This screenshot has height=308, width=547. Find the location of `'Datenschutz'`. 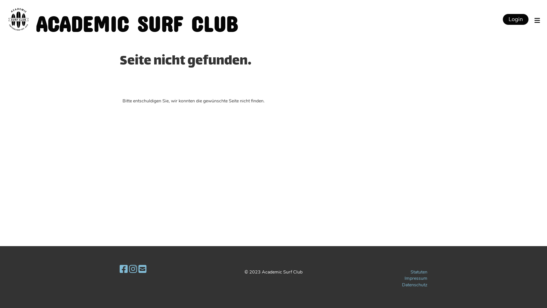

'Datenschutz' is located at coordinates (415, 285).